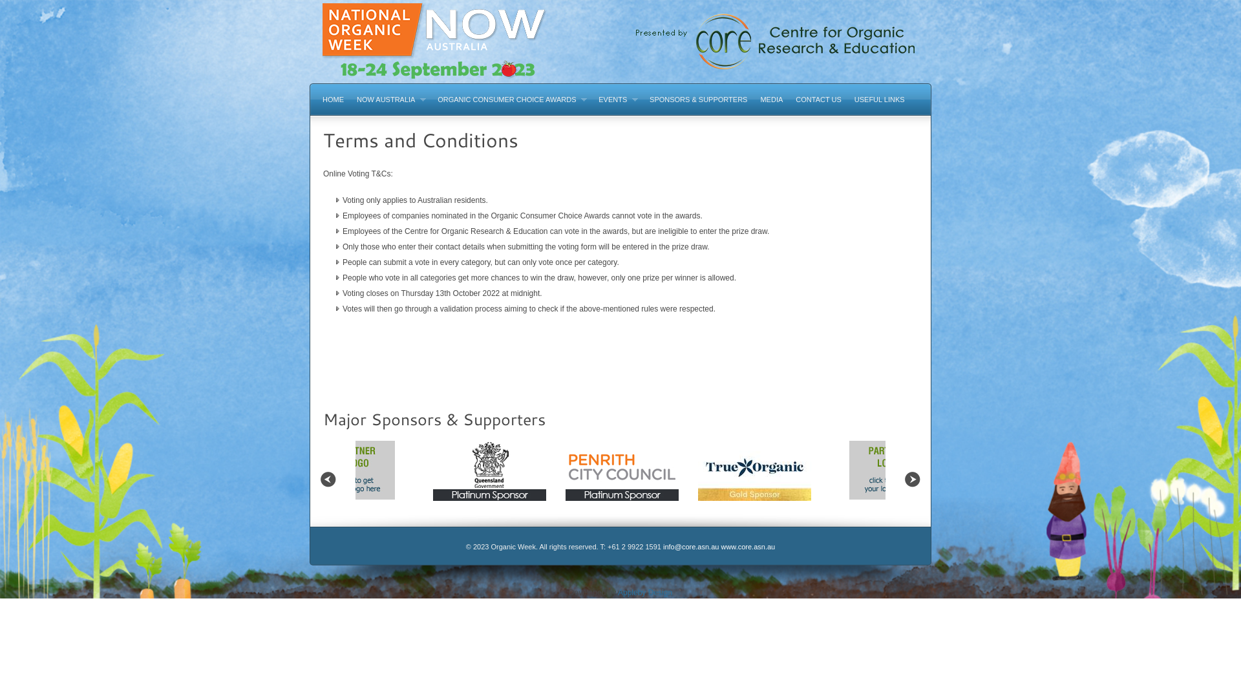 The width and height of the screenshot is (1241, 698). Describe the element at coordinates (690, 546) in the screenshot. I see `'info@core.asn.au'` at that location.